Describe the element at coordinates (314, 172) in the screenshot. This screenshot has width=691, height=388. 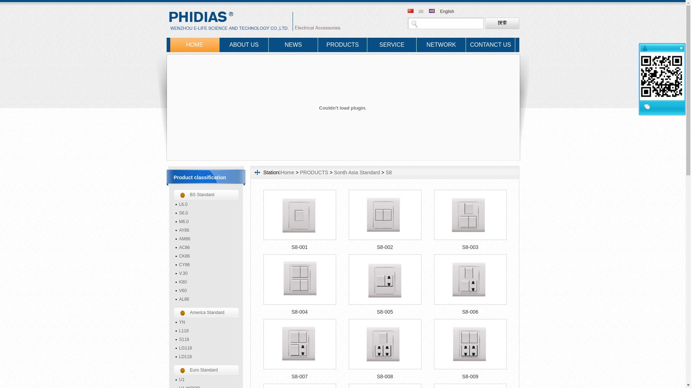
I see `'PRODUCTS'` at that location.